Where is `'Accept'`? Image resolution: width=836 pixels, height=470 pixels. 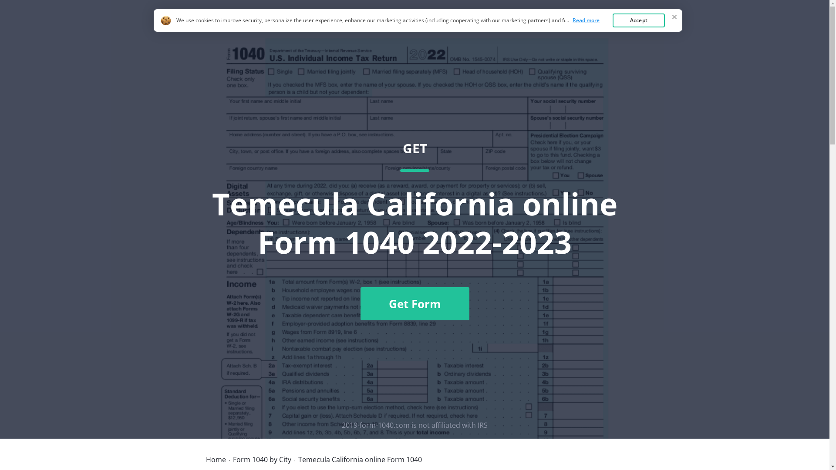
'Accept' is located at coordinates (639, 20).